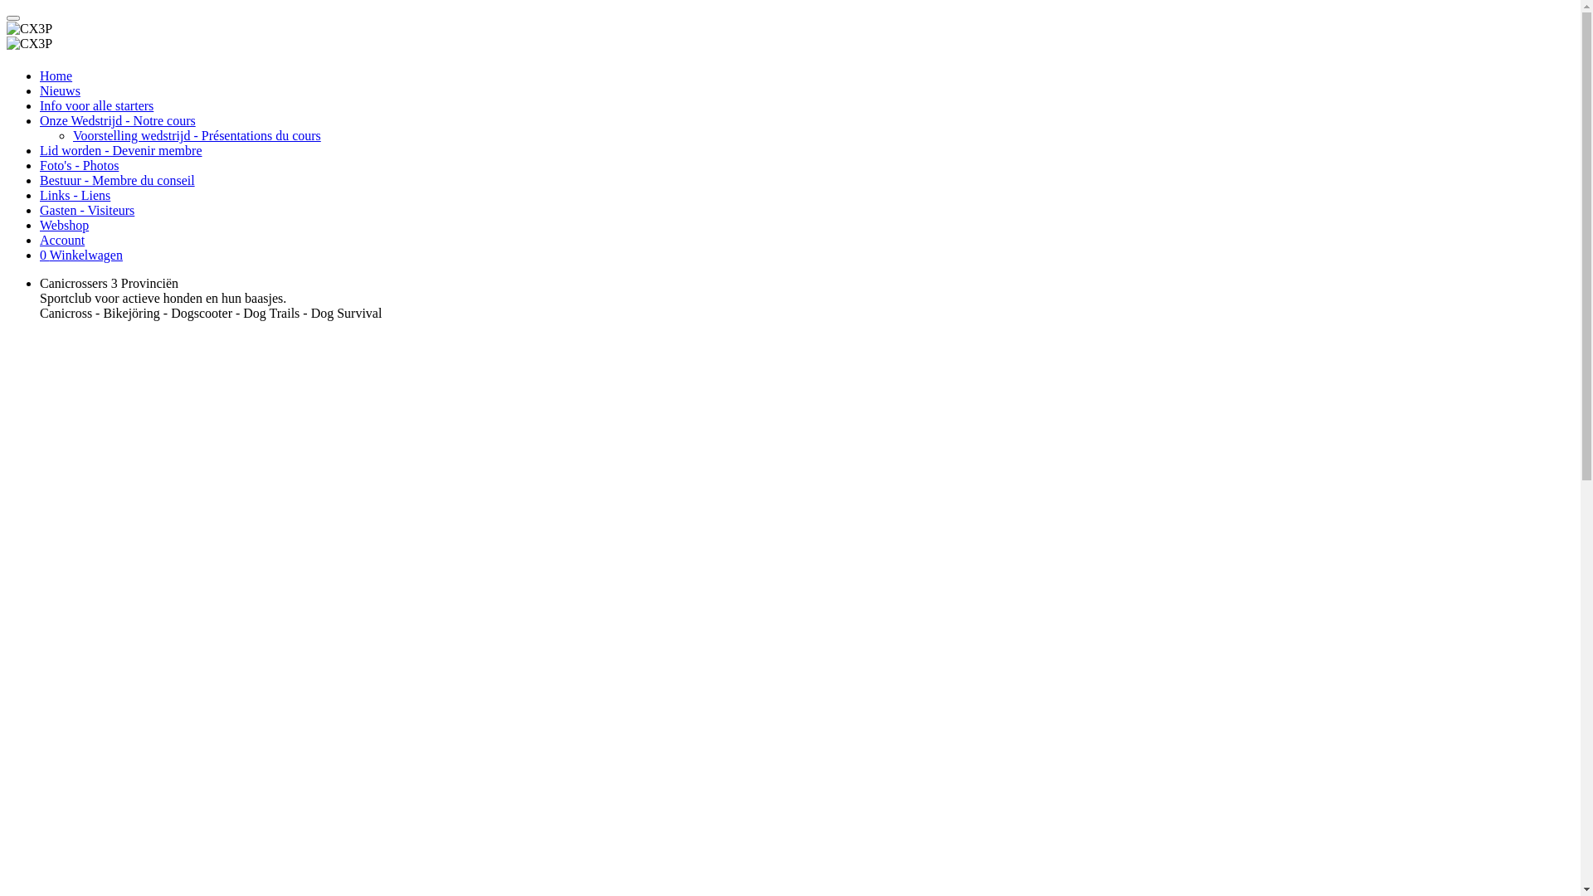 The image size is (1593, 896). I want to click on 'Home', so click(40, 75).